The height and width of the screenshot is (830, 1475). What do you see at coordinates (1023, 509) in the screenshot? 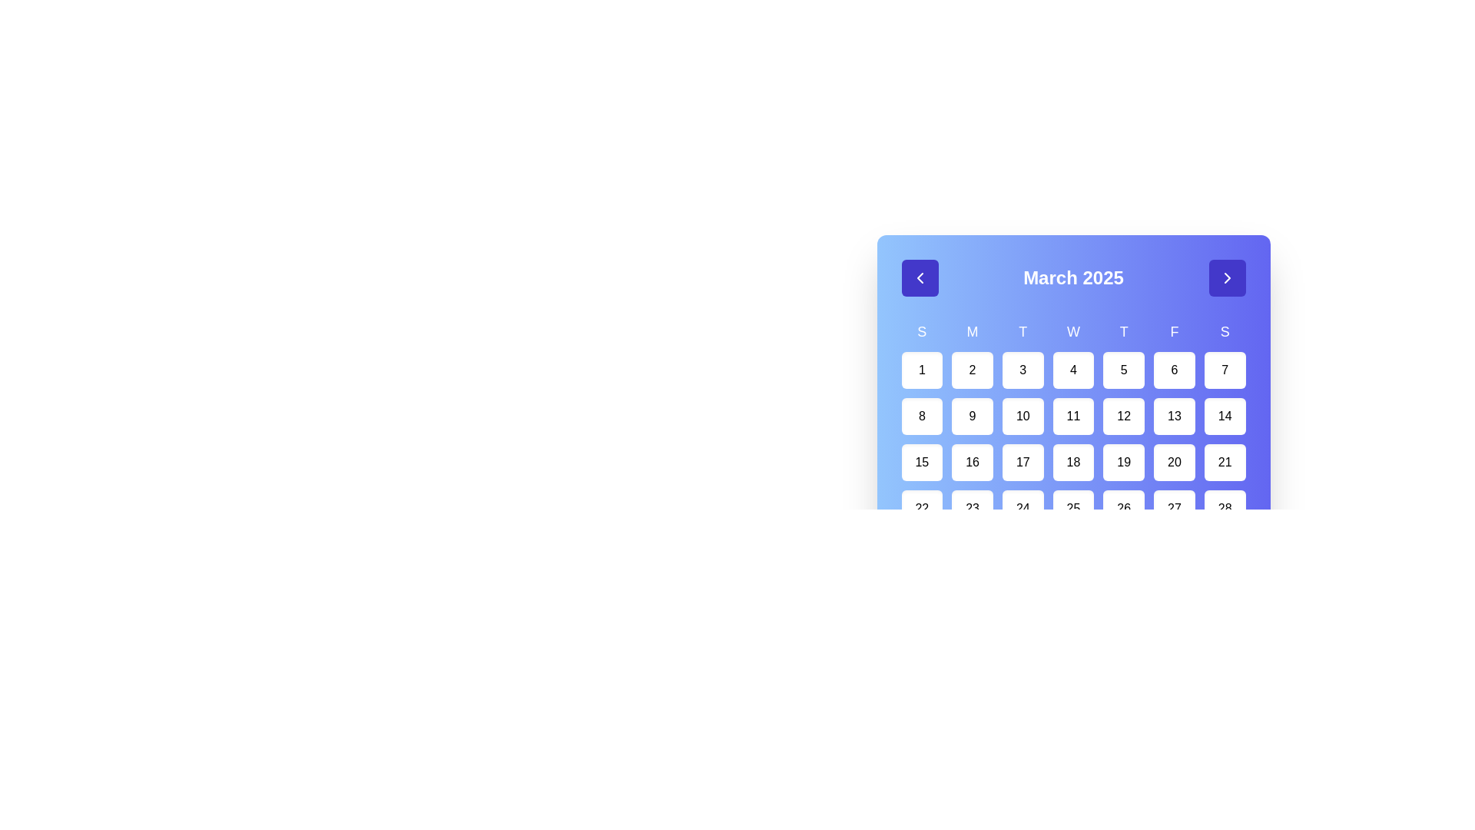
I see `the button labeled '24'` at bounding box center [1023, 509].